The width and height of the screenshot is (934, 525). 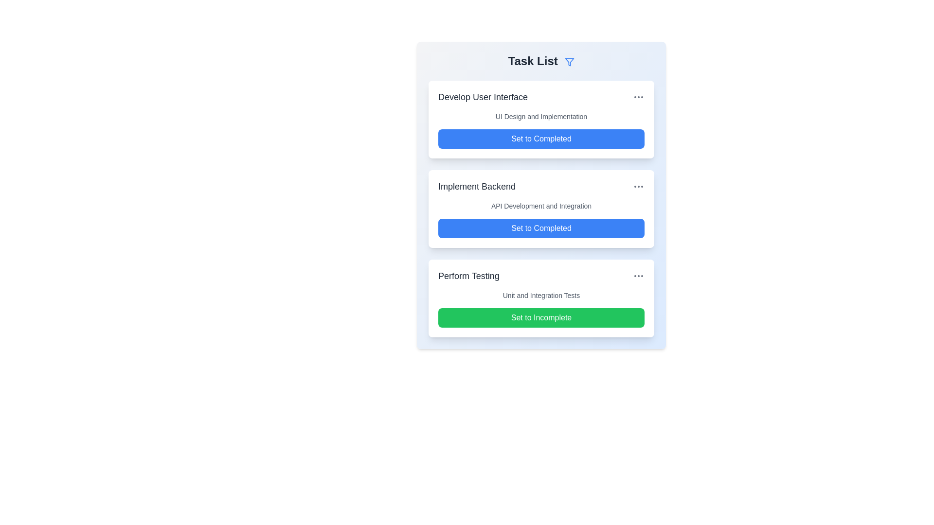 What do you see at coordinates (639, 97) in the screenshot?
I see `the ellipsis icon next to the task titled 'Develop User Interface' to open additional options` at bounding box center [639, 97].